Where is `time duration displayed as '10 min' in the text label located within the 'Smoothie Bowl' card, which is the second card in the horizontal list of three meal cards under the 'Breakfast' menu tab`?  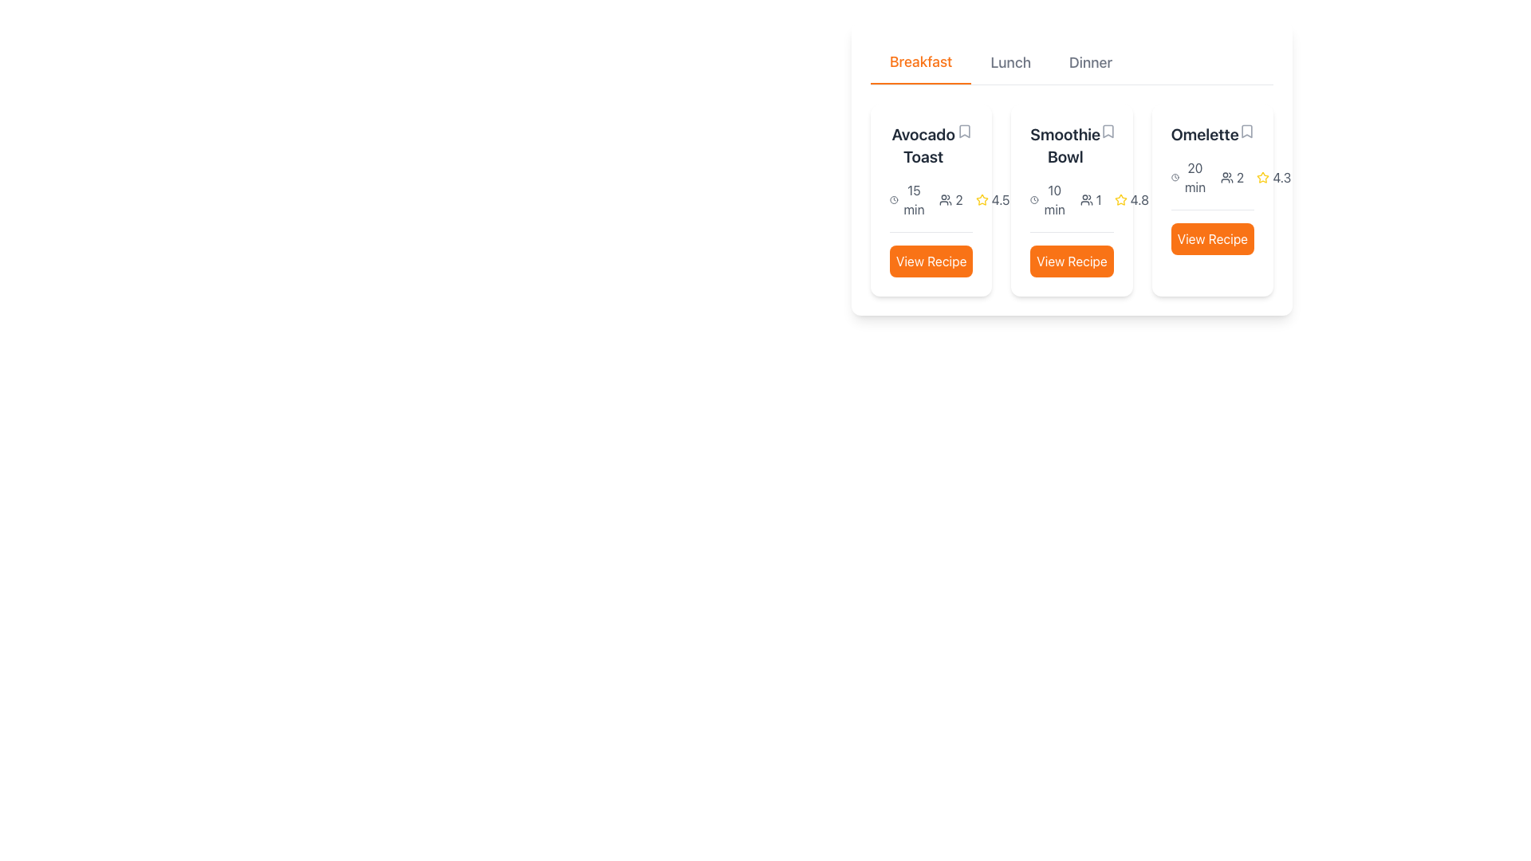
time duration displayed as '10 min' in the text label located within the 'Smoothie Bowl' card, which is the second card in the horizontal list of three meal cards under the 'Breakfast' menu tab is located at coordinates (1054, 199).